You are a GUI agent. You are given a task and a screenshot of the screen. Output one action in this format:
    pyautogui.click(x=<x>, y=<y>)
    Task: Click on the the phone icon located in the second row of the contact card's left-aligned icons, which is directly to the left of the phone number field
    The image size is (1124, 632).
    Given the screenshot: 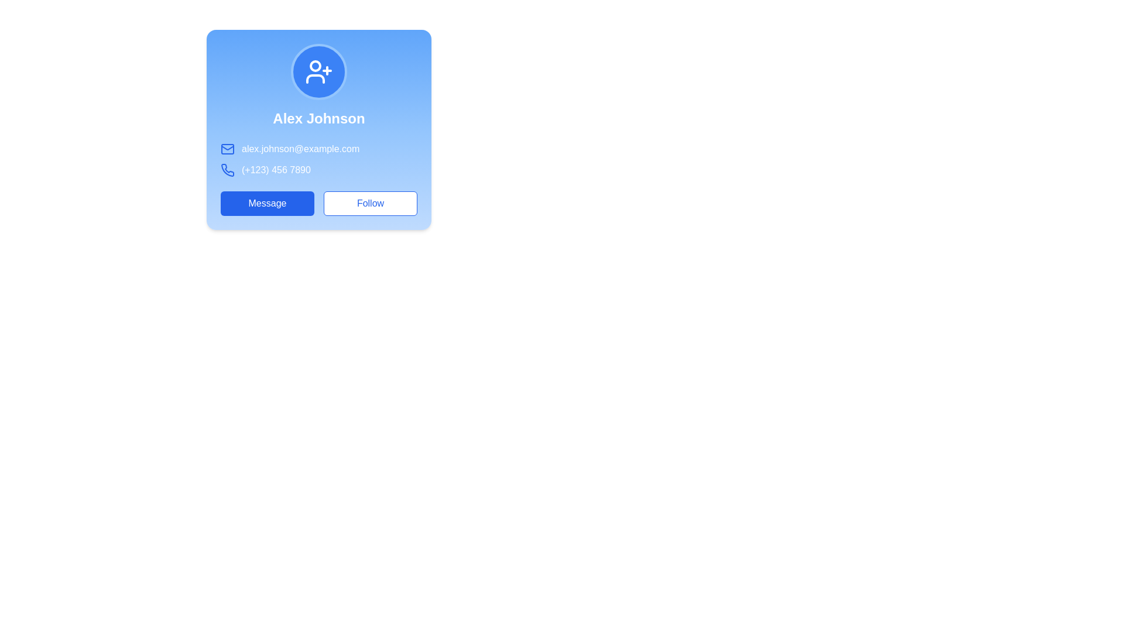 What is the action you would take?
    pyautogui.click(x=227, y=170)
    